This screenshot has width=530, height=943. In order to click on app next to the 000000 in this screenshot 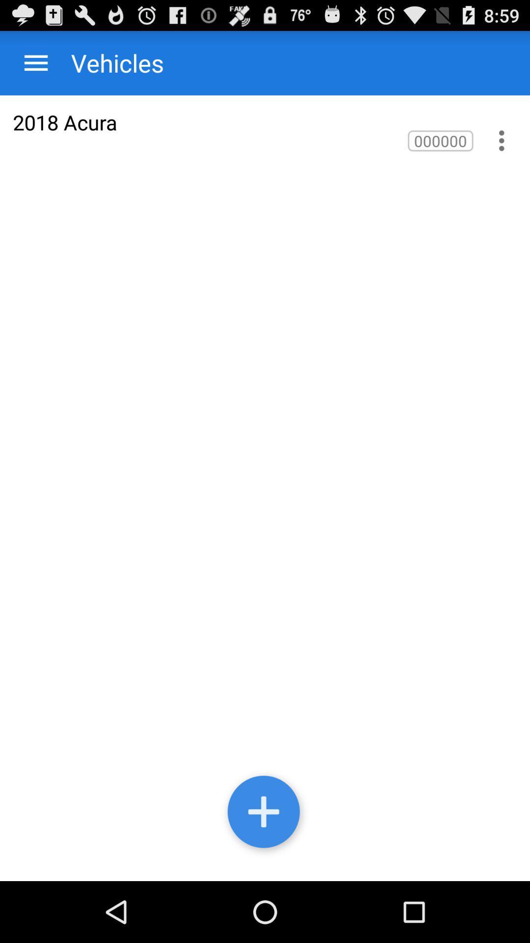, I will do `click(65, 122)`.